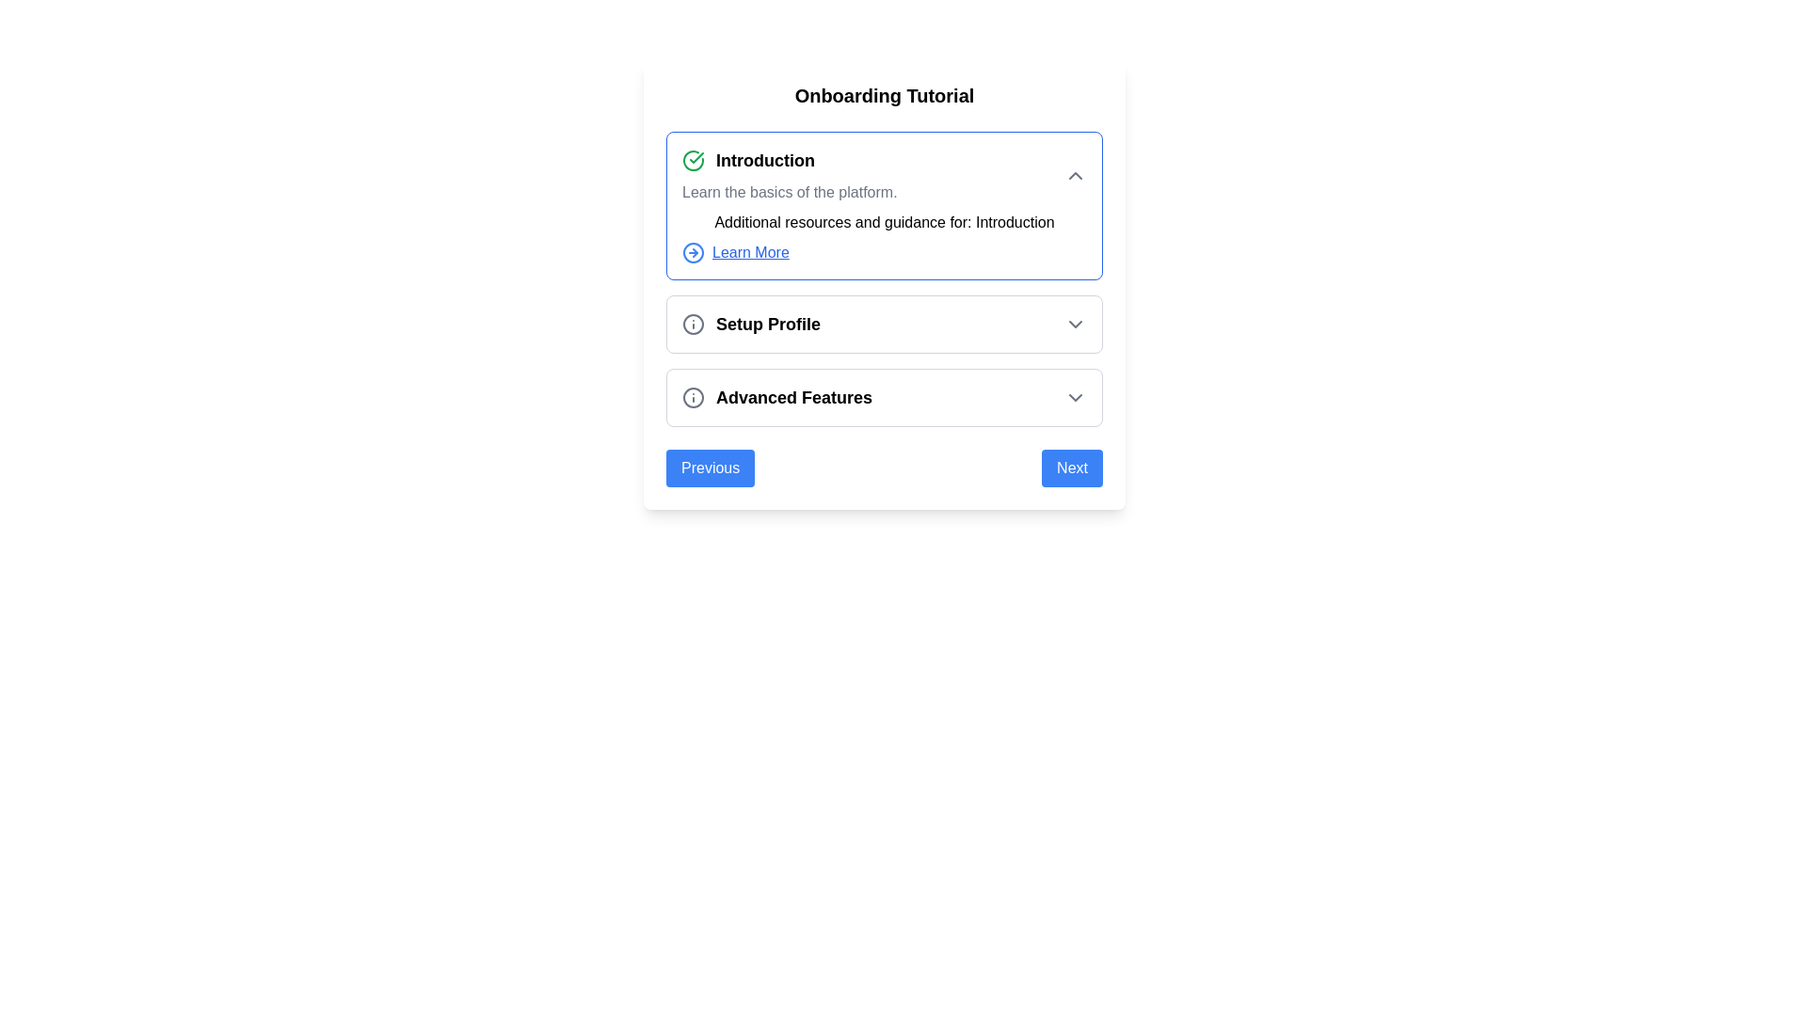 This screenshot has height=1016, width=1807. Describe the element at coordinates (693, 323) in the screenshot. I see `the information or notification icon located to the left of the 'Setup Profile' text in the onboarding steps section` at that location.